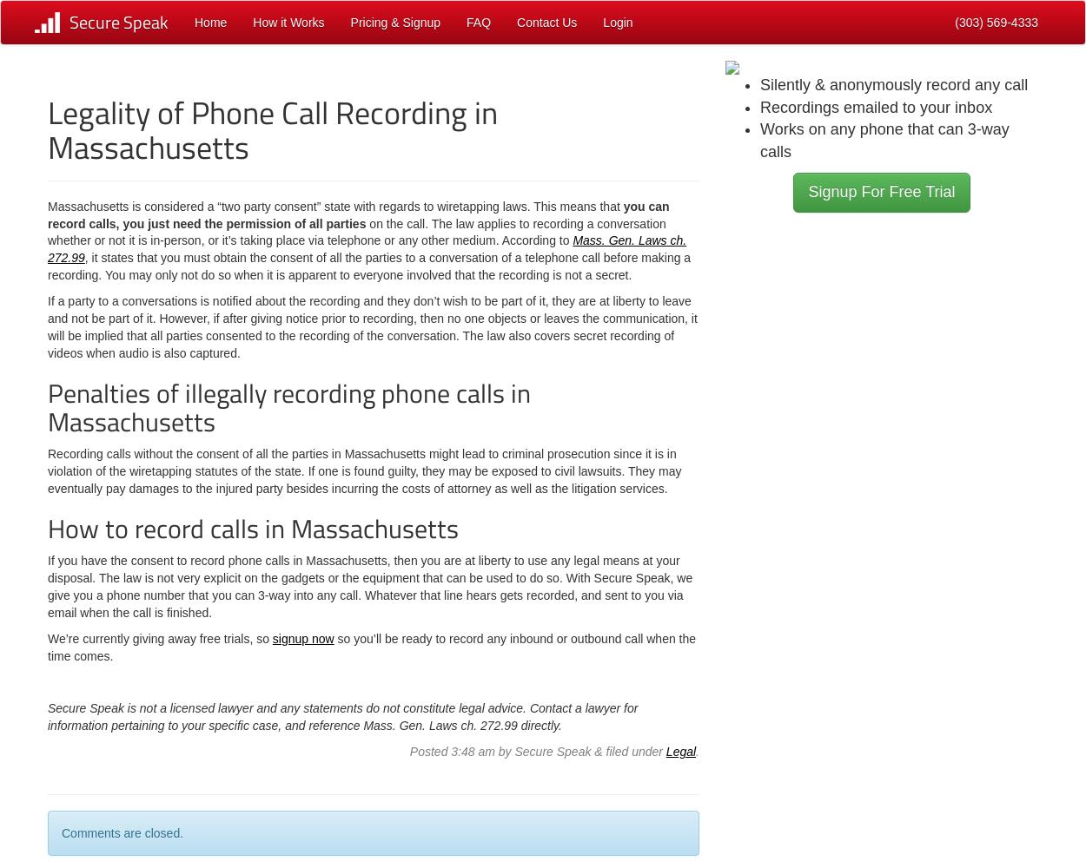 The height and width of the screenshot is (868, 1086). What do you see at coordinates (301, 638) in the screenshot?
I see `'signup now'` at bounding box center [301, 638].